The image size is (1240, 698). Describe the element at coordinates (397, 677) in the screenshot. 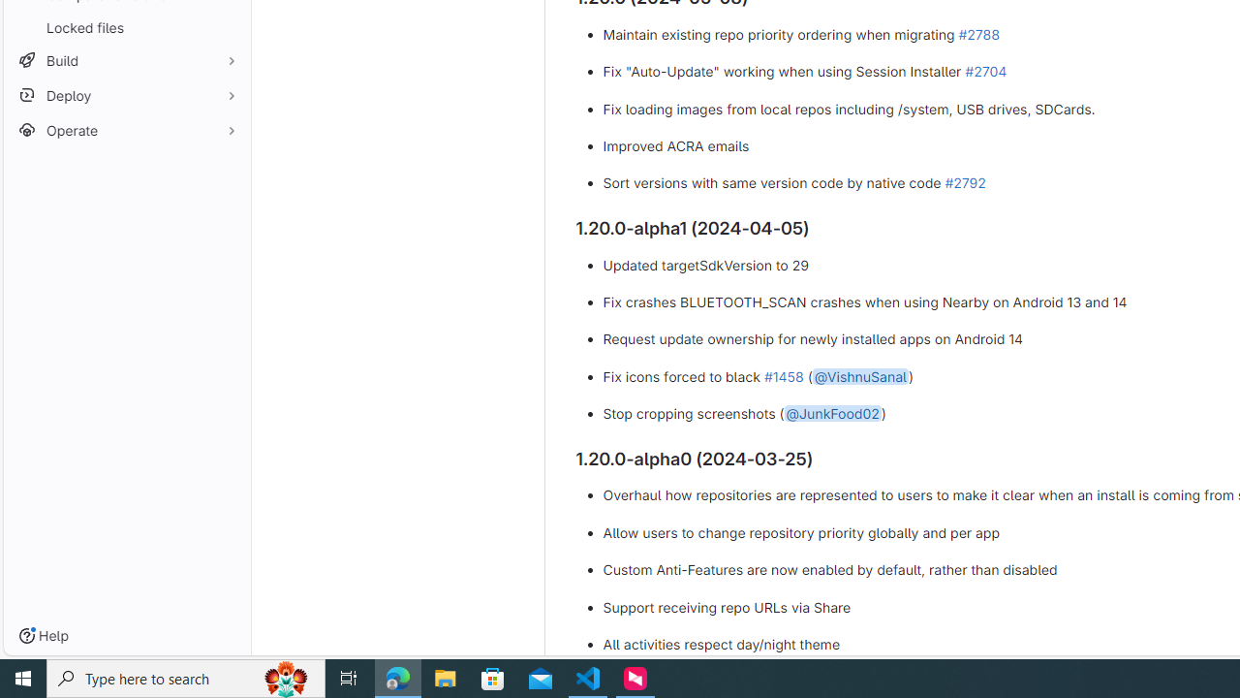

I see `'Microsoft Edge - 1 running window'` at that location.